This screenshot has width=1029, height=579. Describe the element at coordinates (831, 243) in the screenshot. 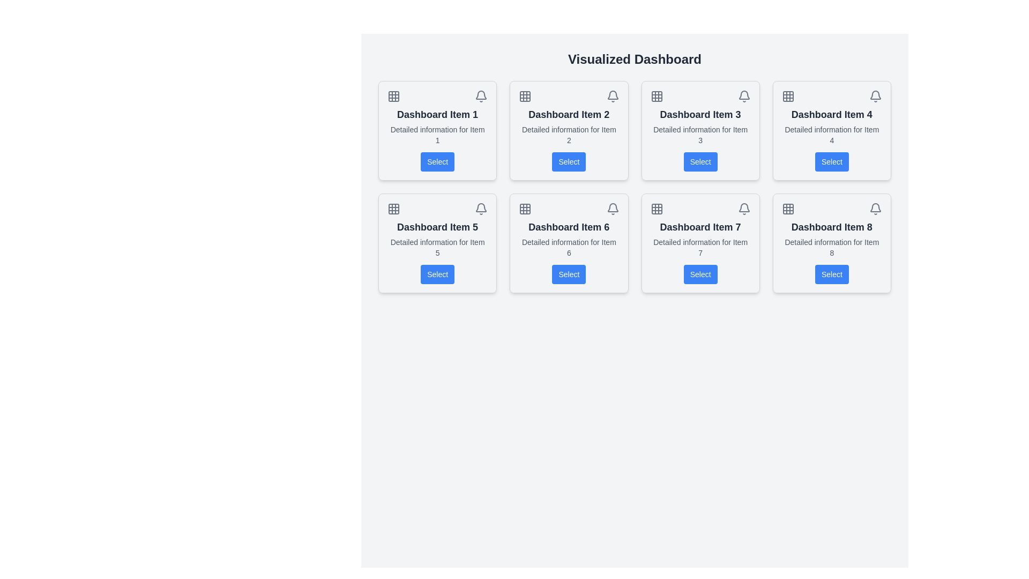

I see `the 'Dashboard Item 8' card` at that location.